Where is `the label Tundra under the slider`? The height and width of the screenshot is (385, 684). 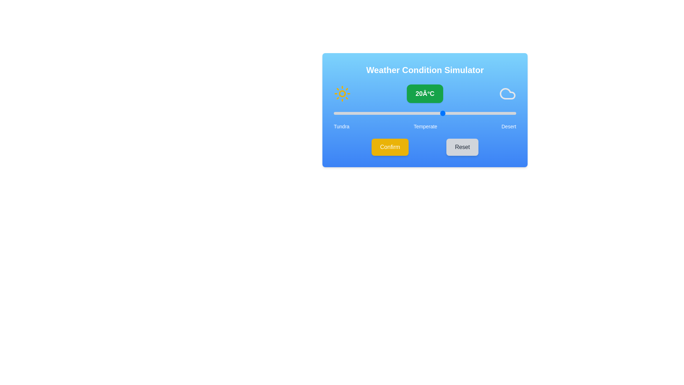 the label Tundra under the slider is located at coordinates (341, 126).